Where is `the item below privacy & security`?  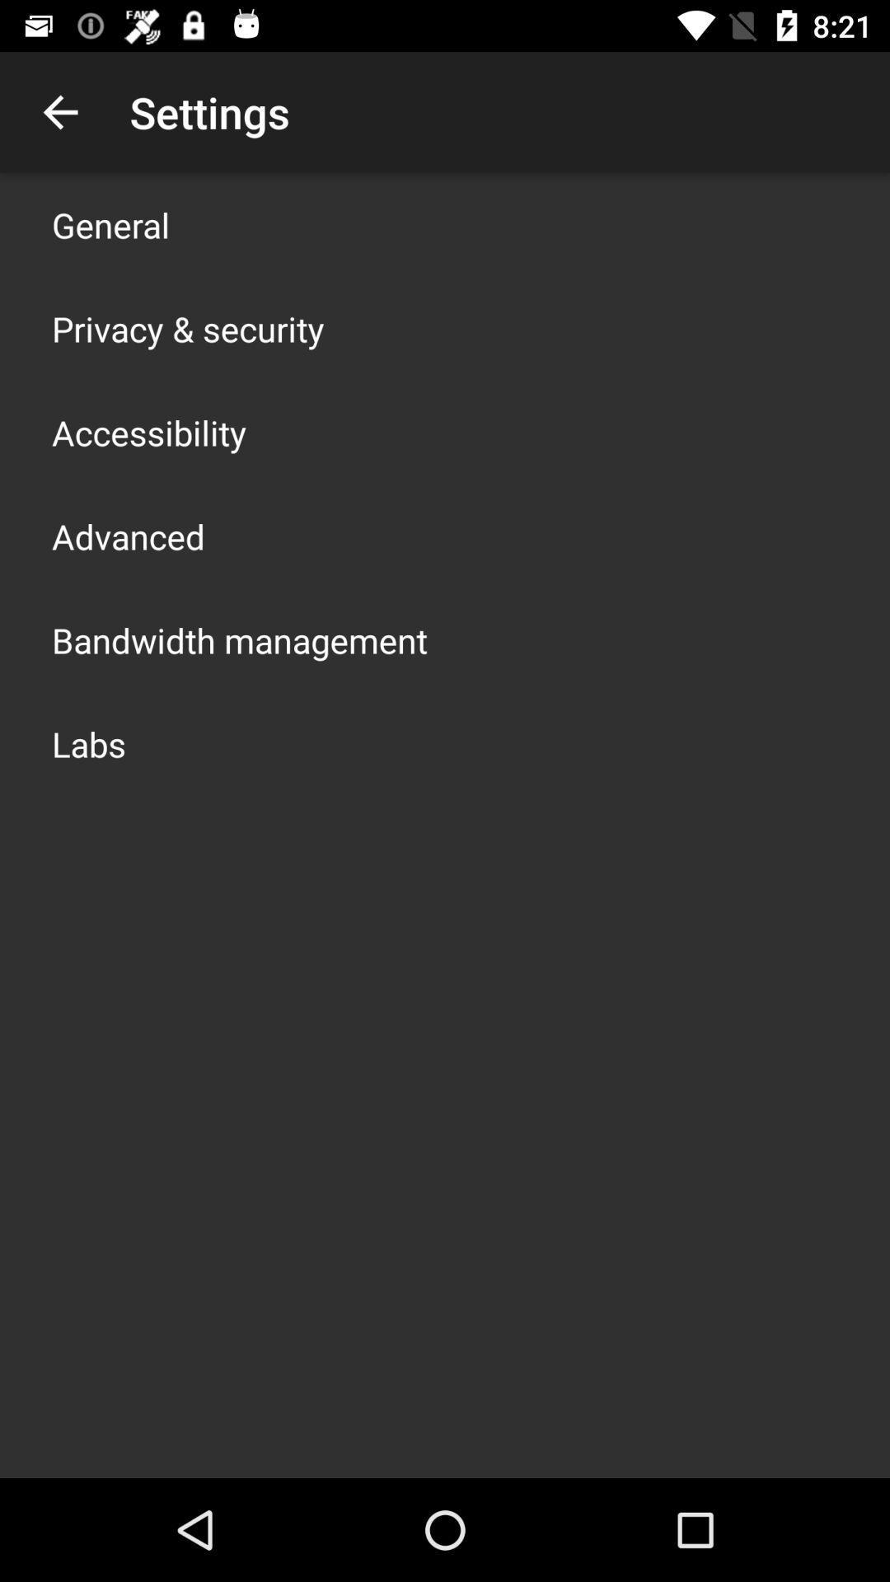 the item below privacy & security is located at coordinates (149, 432).